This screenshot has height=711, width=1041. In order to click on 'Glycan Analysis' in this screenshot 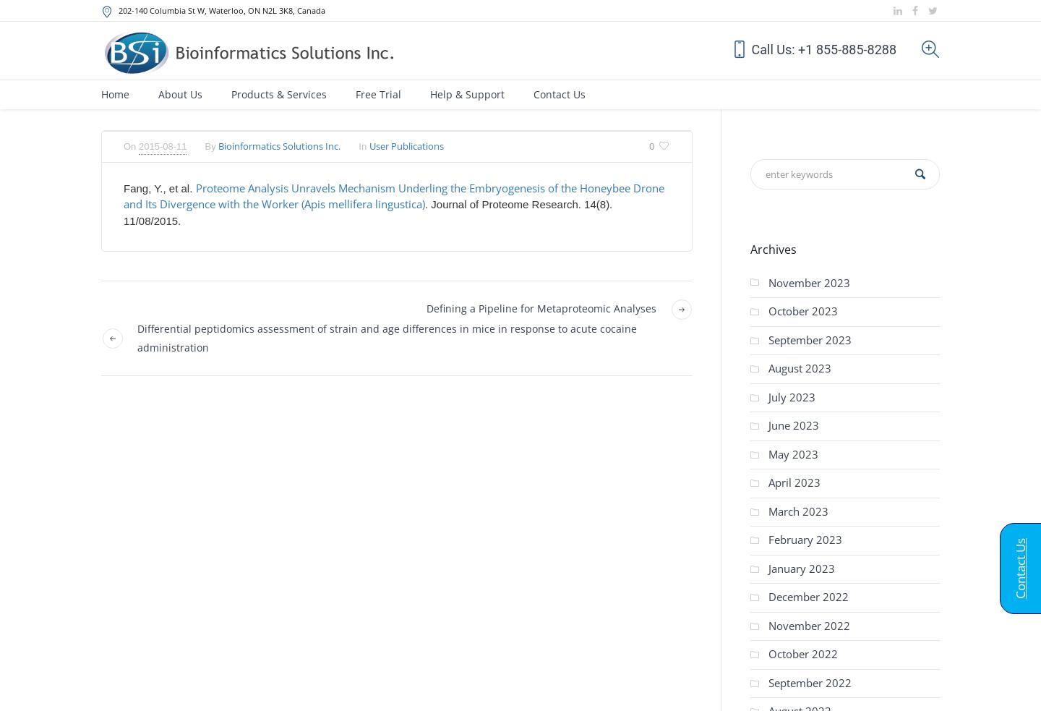, I will do `click(565, 394)`.